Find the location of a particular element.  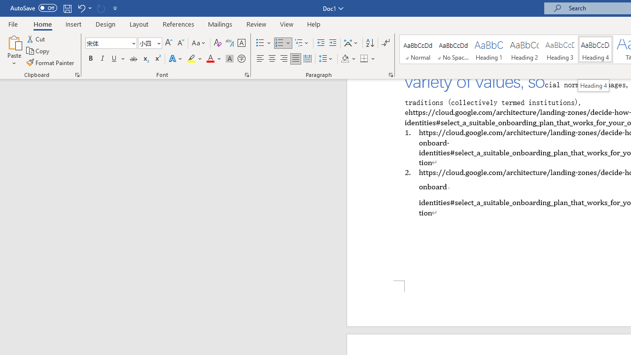

'Align Left' is located at coordinates (260, 59).